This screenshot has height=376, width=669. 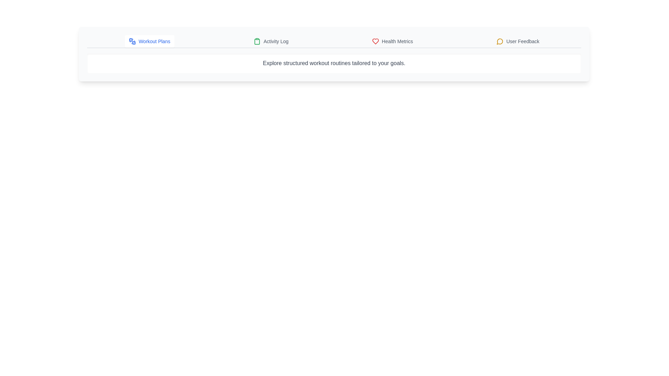 I want to click on the clipboard icon with a green fill color located to the left of the 'Activity Log' text, so click(x=257, y=41).